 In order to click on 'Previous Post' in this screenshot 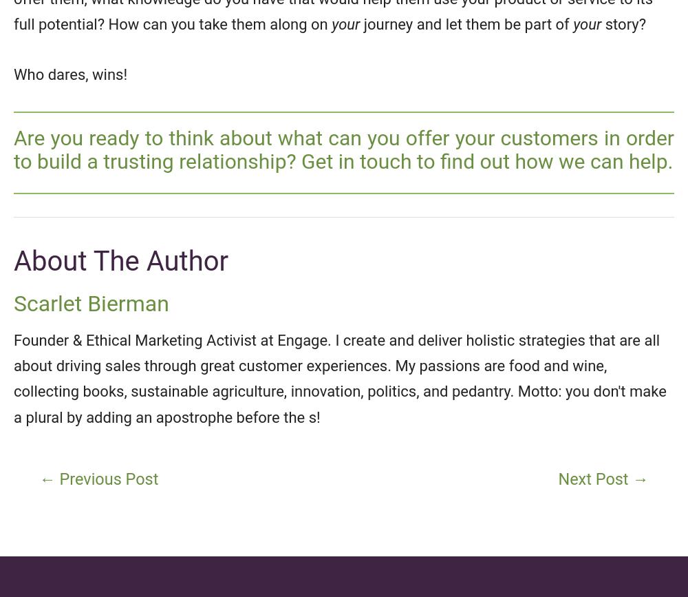, I will do `click(54, 479)`.